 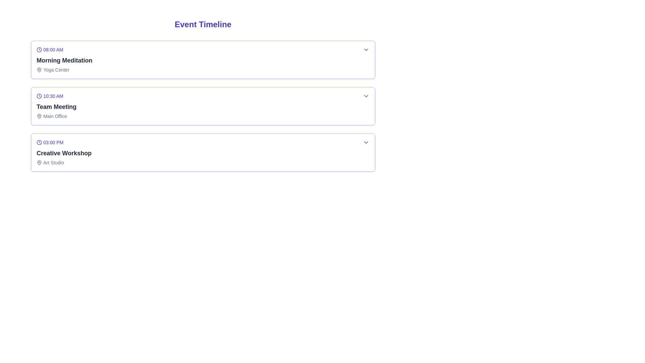 I want to click on the Event information block located directly under the 'Event Timeline' header, so click(x=64, y=59).